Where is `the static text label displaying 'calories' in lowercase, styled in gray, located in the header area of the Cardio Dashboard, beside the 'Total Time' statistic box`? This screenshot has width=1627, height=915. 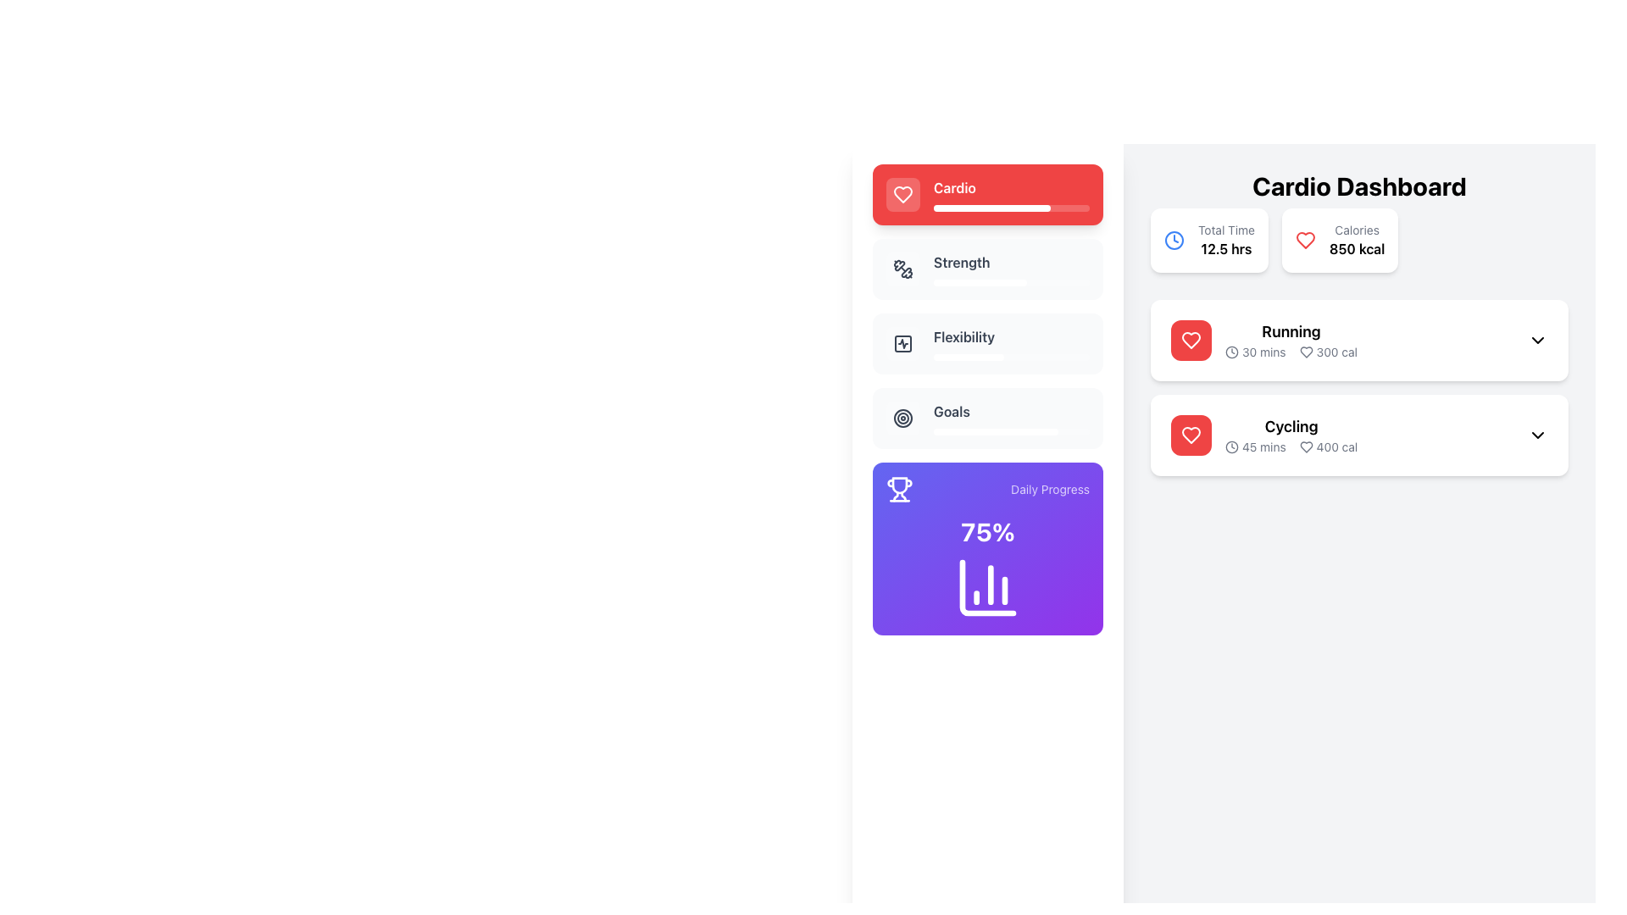 the static text label displaying 'calories' in lowercase, styled in gray, located in the header area of the Cardio Dashboard, beside the 'Total Time' statistic box is located at coordinates (1357, 230).